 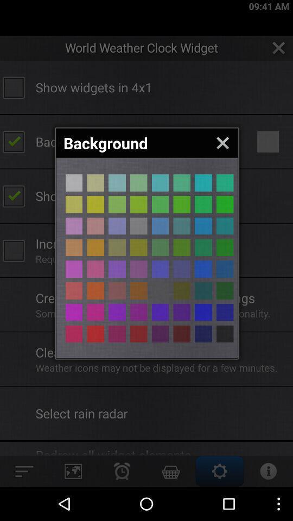 I want to click on backround button, so click(x=224, y=204).